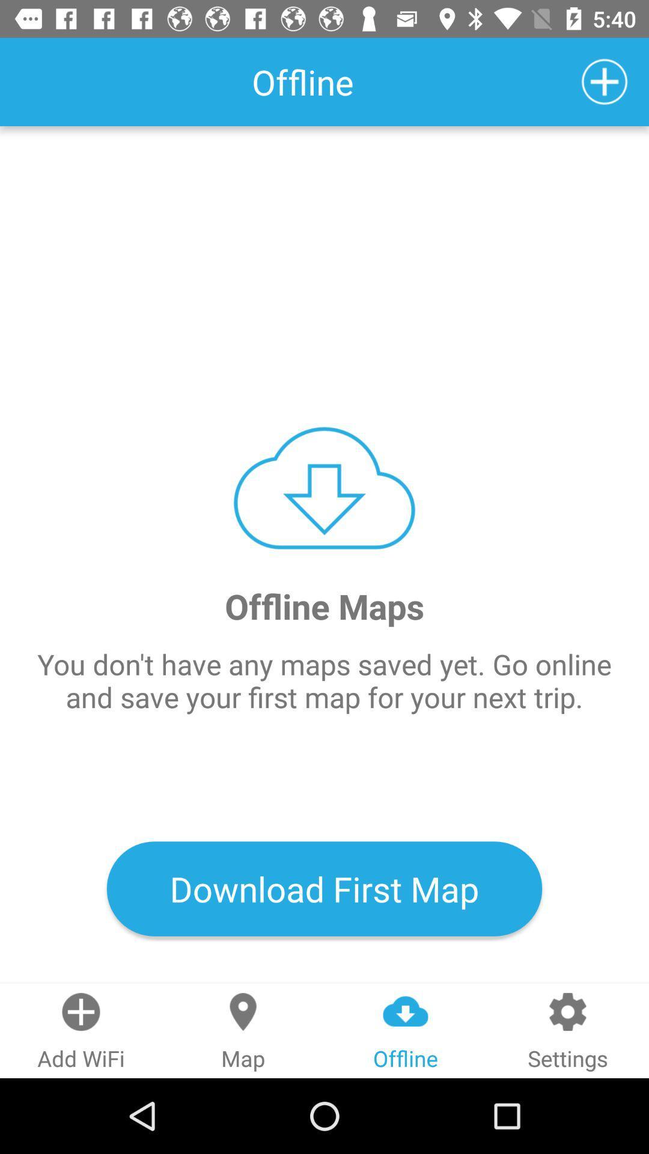 The height and width of the screenshot is (1154, 649). I want to click on the item next to the offline item, so click(605, 81).